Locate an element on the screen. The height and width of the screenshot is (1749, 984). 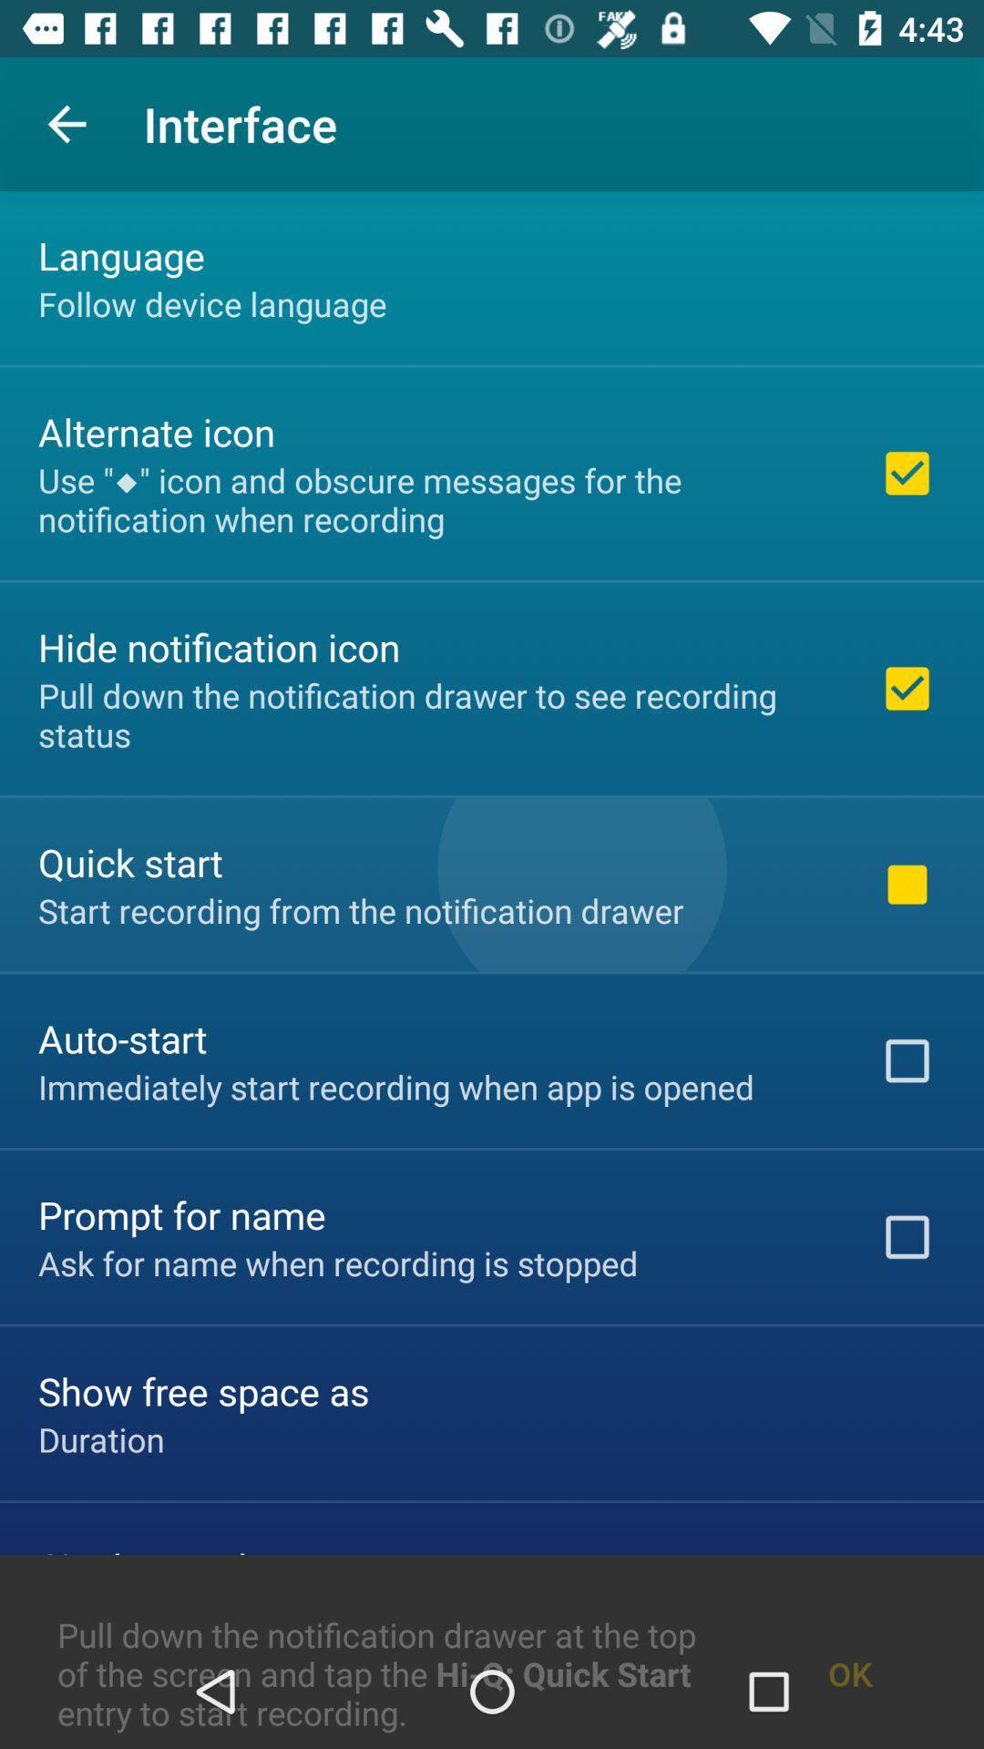
item below the language is located at coordinates (211, 303).